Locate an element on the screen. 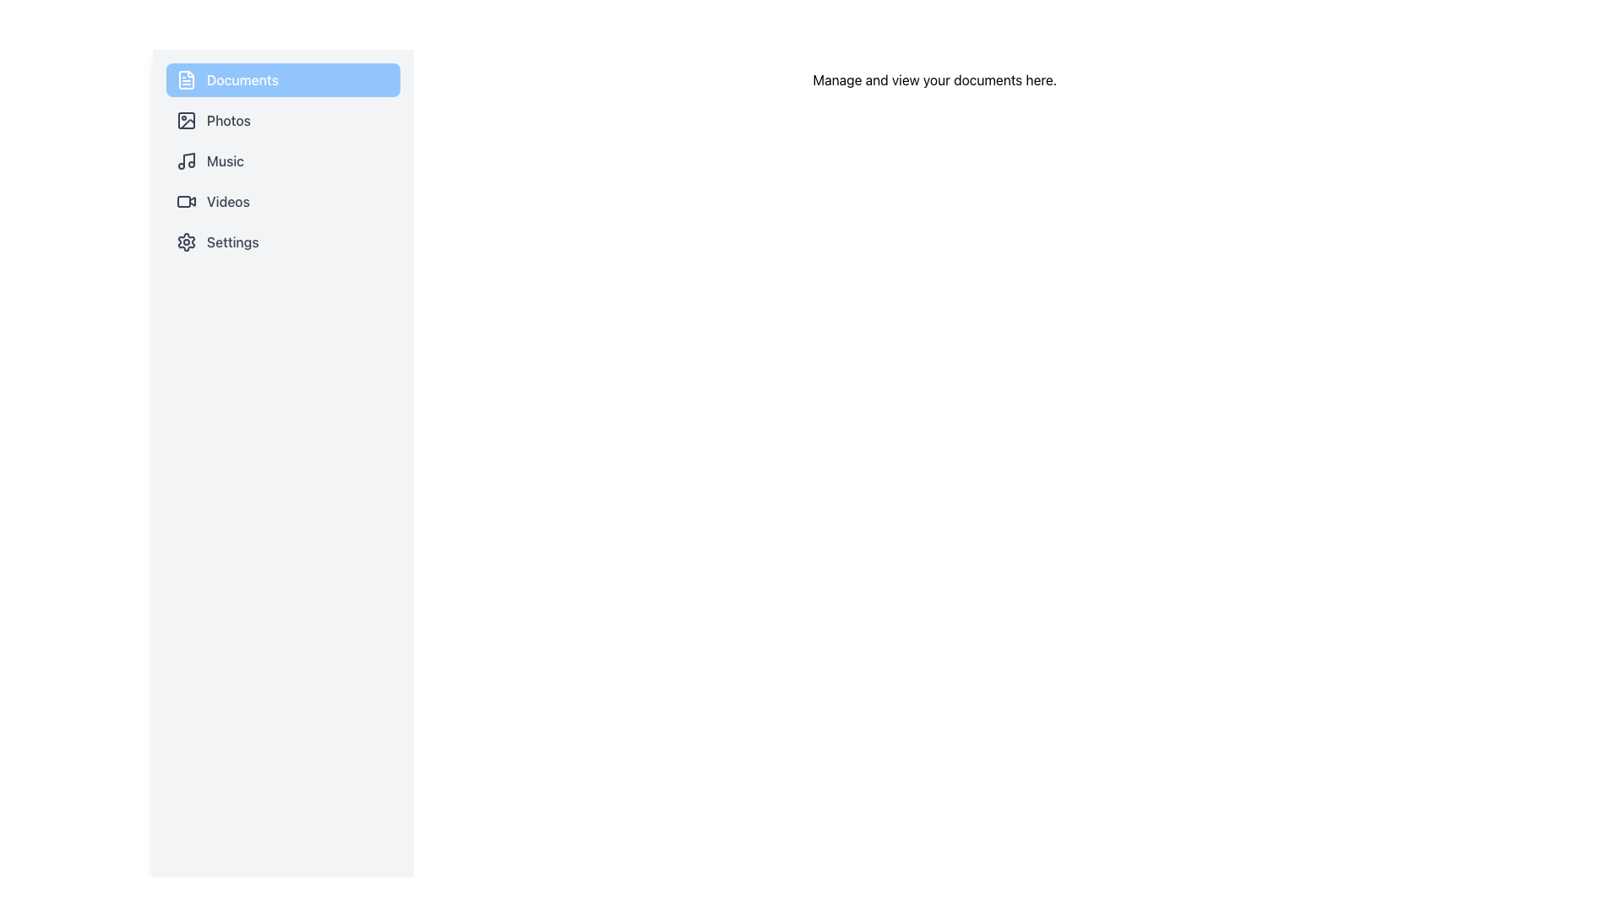  the rectangular body of the video camera within the 'Videos' icon in the menu is located at coordinates (183, 201).